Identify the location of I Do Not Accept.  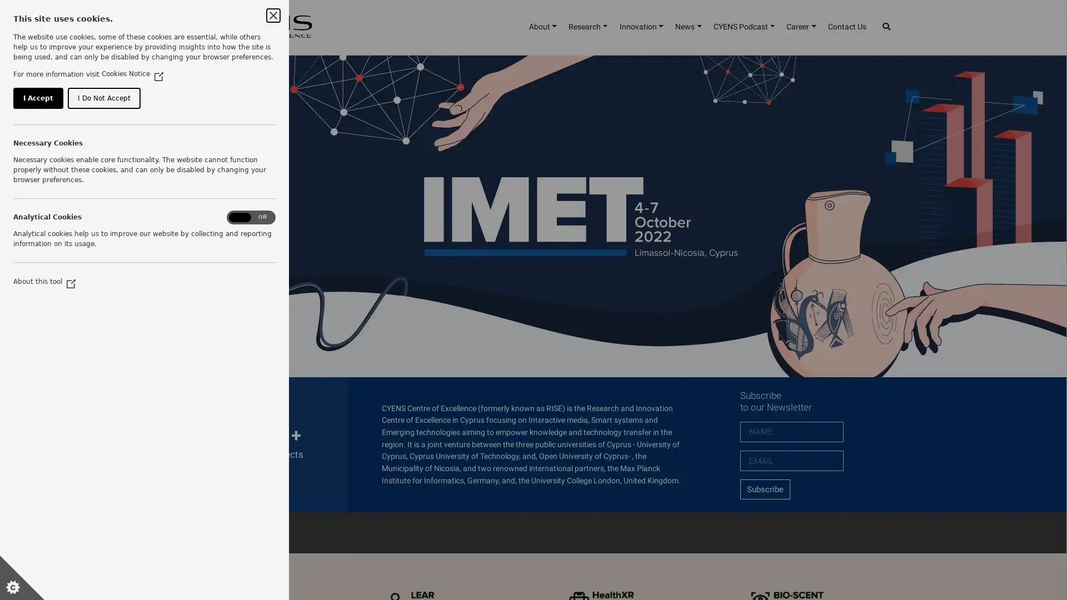
(122, 150).